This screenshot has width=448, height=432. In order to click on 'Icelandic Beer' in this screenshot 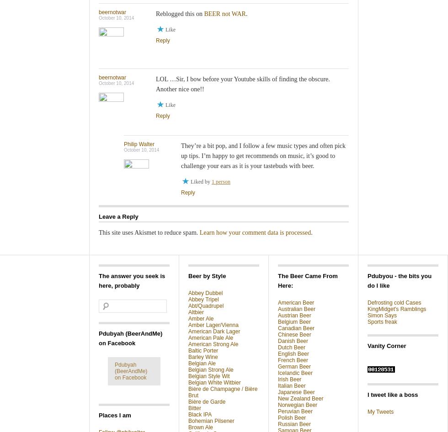, I will do `click(295, 373)`.